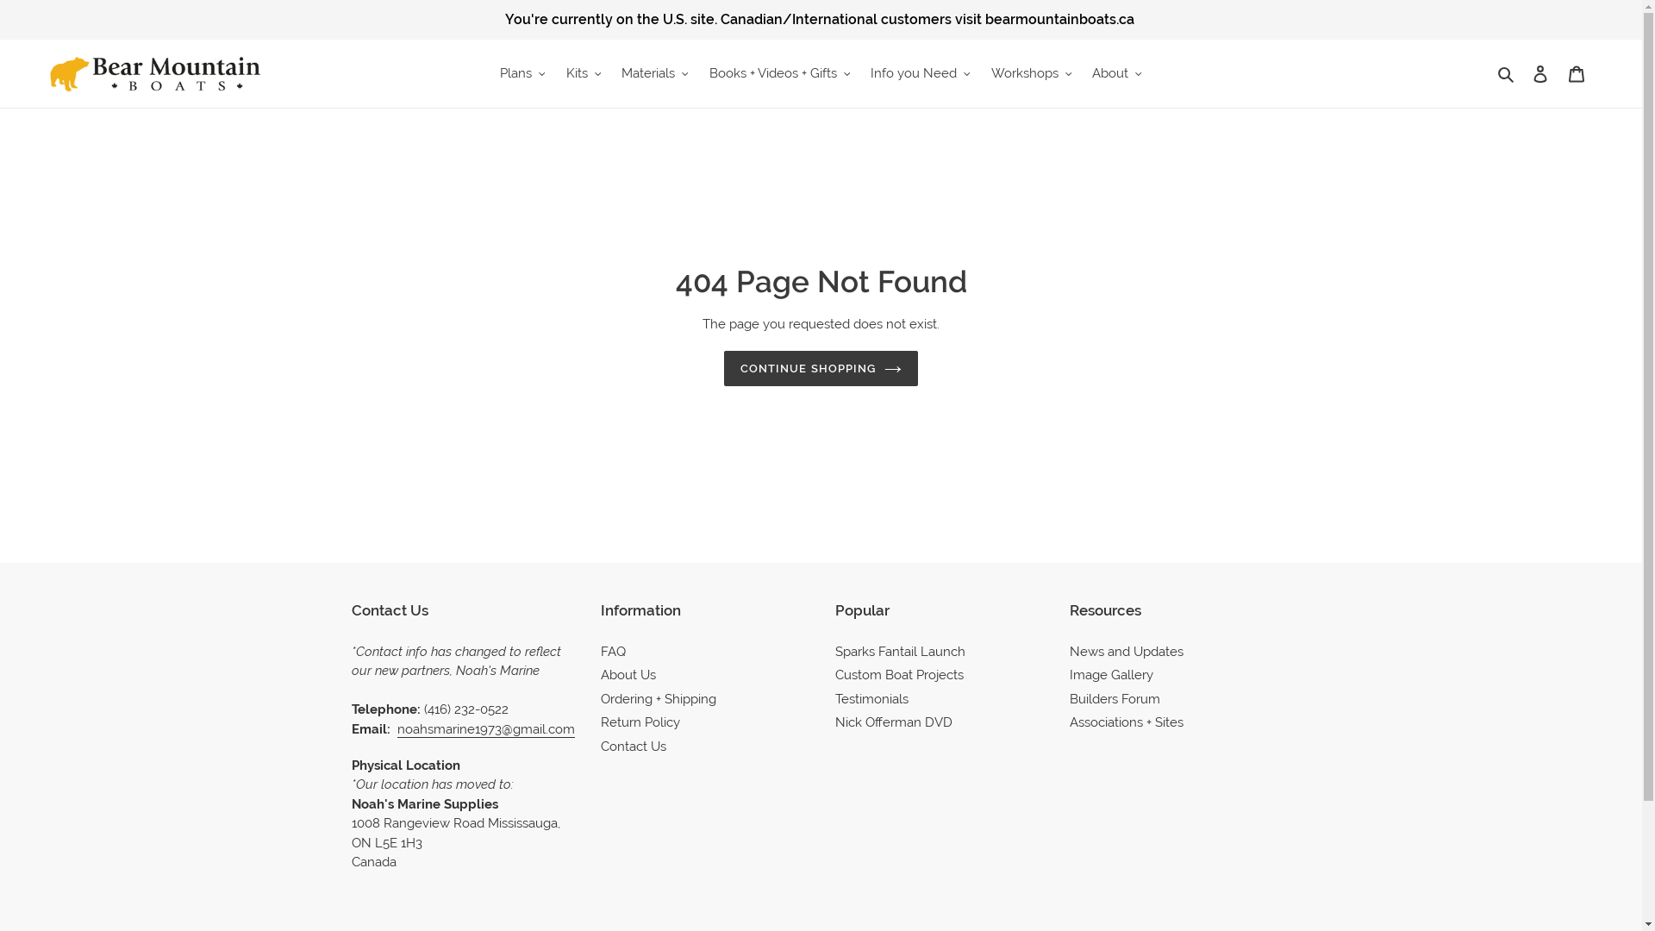 The width and height of the screenshot is (1655, 931). I want to click on 'Workshops', so click(983, 72).